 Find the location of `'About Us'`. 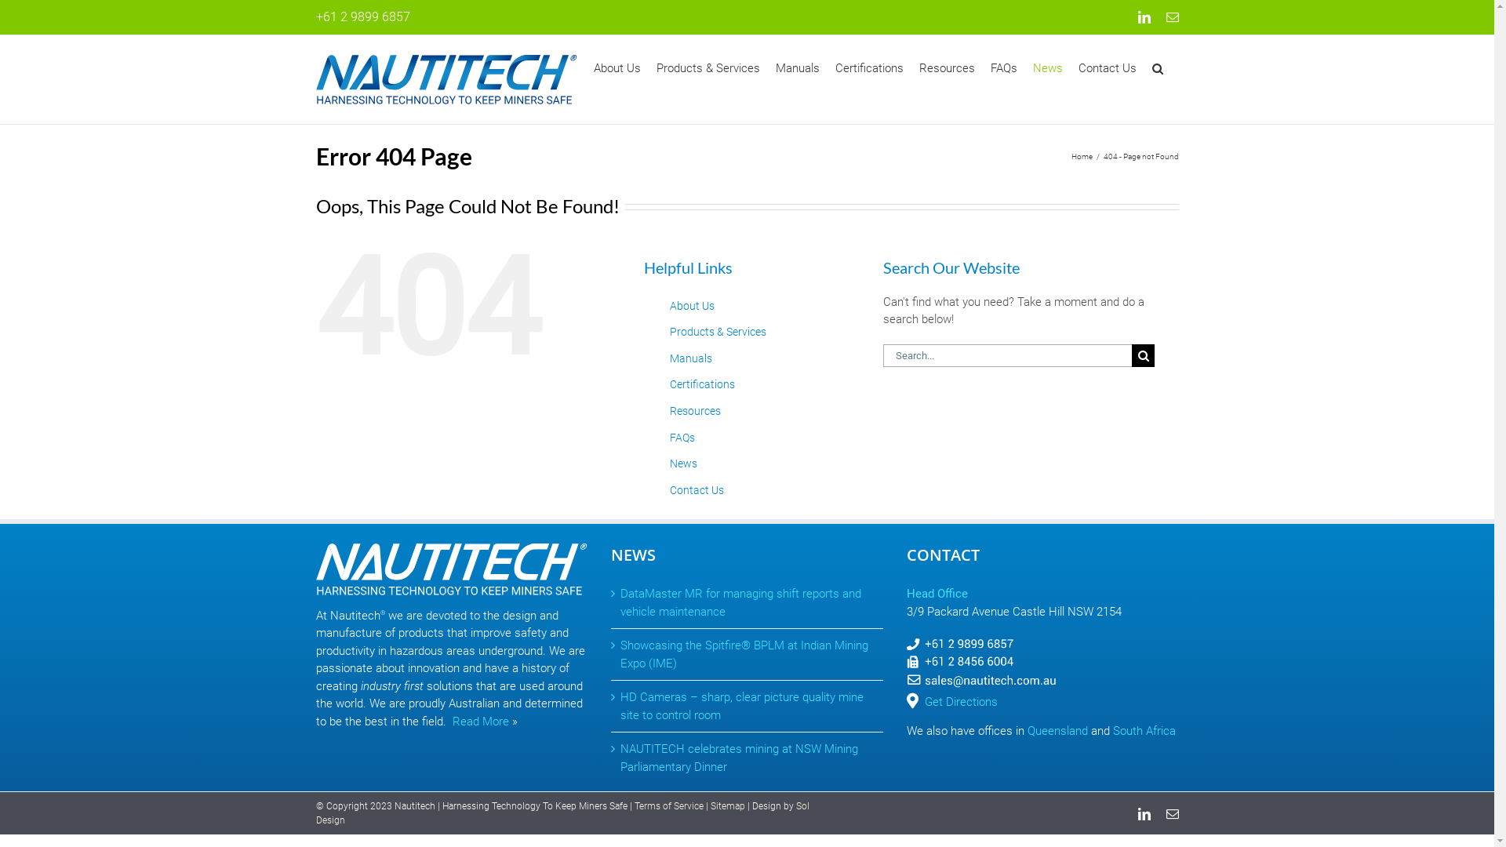

'About Us' is located at coordinates (691, 305).